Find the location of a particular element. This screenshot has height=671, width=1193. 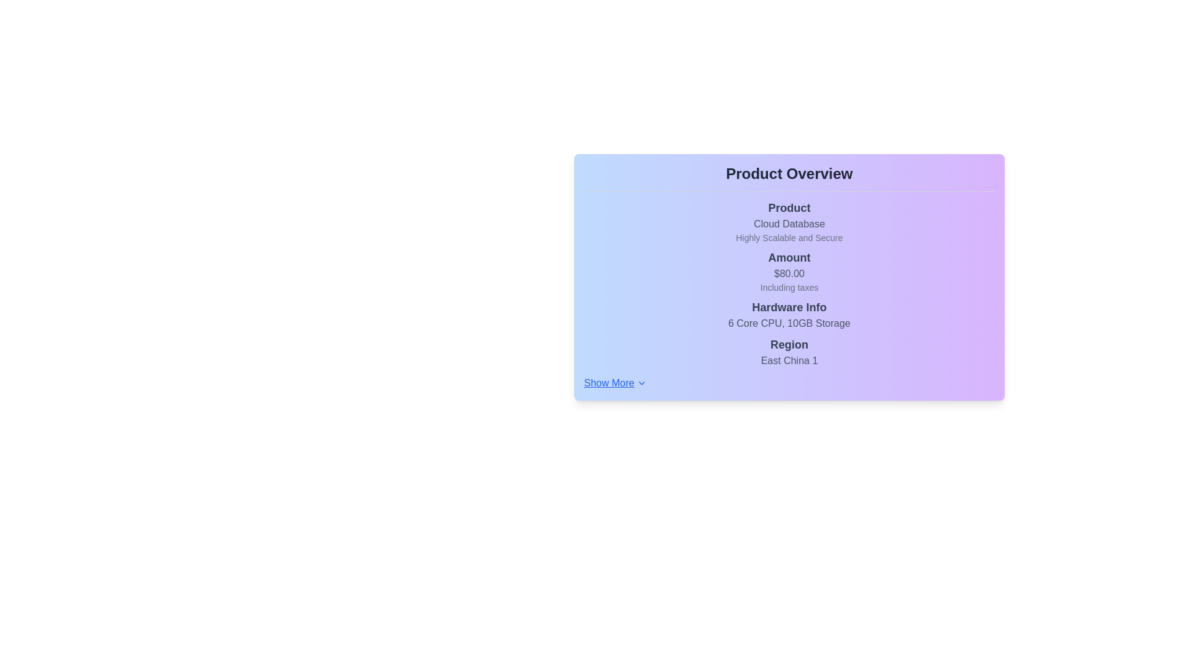

the button located at the bottom left corner of the 'Product Overview' card is located at coordinates (615, 383).